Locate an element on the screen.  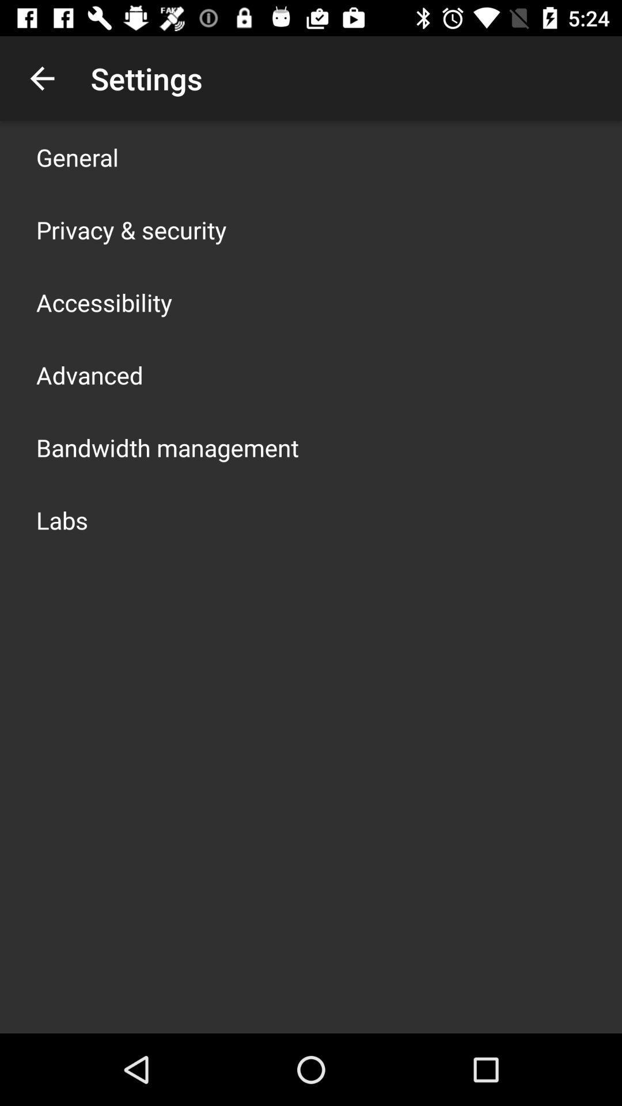
the icon above the advanced is located at coordinates (104, 302).